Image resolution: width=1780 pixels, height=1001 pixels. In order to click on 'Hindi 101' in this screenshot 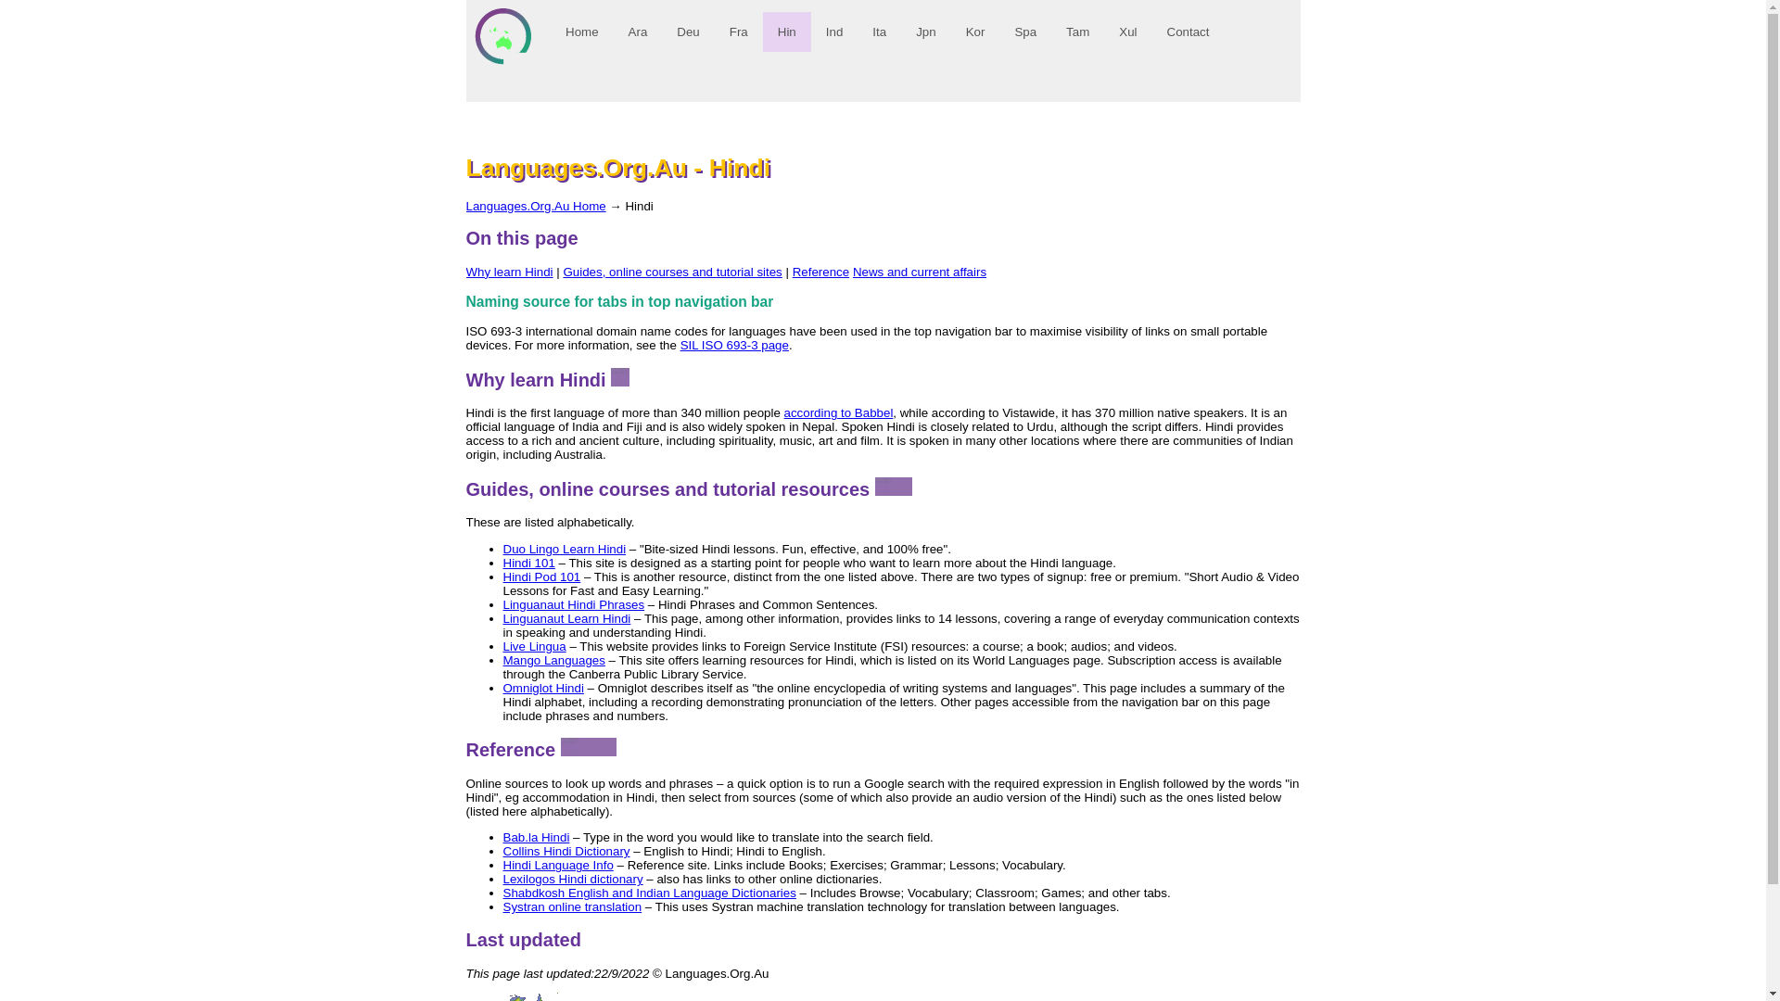, I will do `click(502, 562)`.